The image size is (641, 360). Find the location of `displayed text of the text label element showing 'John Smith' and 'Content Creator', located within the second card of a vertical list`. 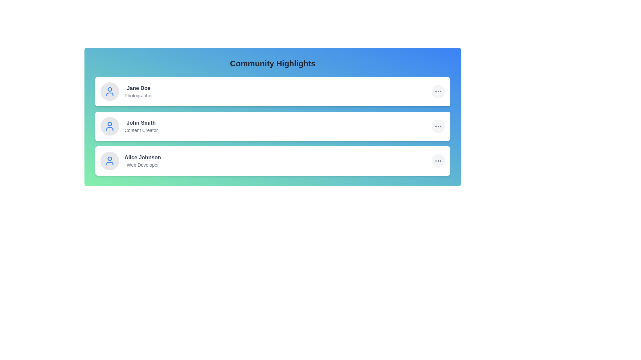

displayed text of the text label element showing 'John Smith' and 'Content Creator', located within the second card of a vertical list is located at coordinates (141, 126).